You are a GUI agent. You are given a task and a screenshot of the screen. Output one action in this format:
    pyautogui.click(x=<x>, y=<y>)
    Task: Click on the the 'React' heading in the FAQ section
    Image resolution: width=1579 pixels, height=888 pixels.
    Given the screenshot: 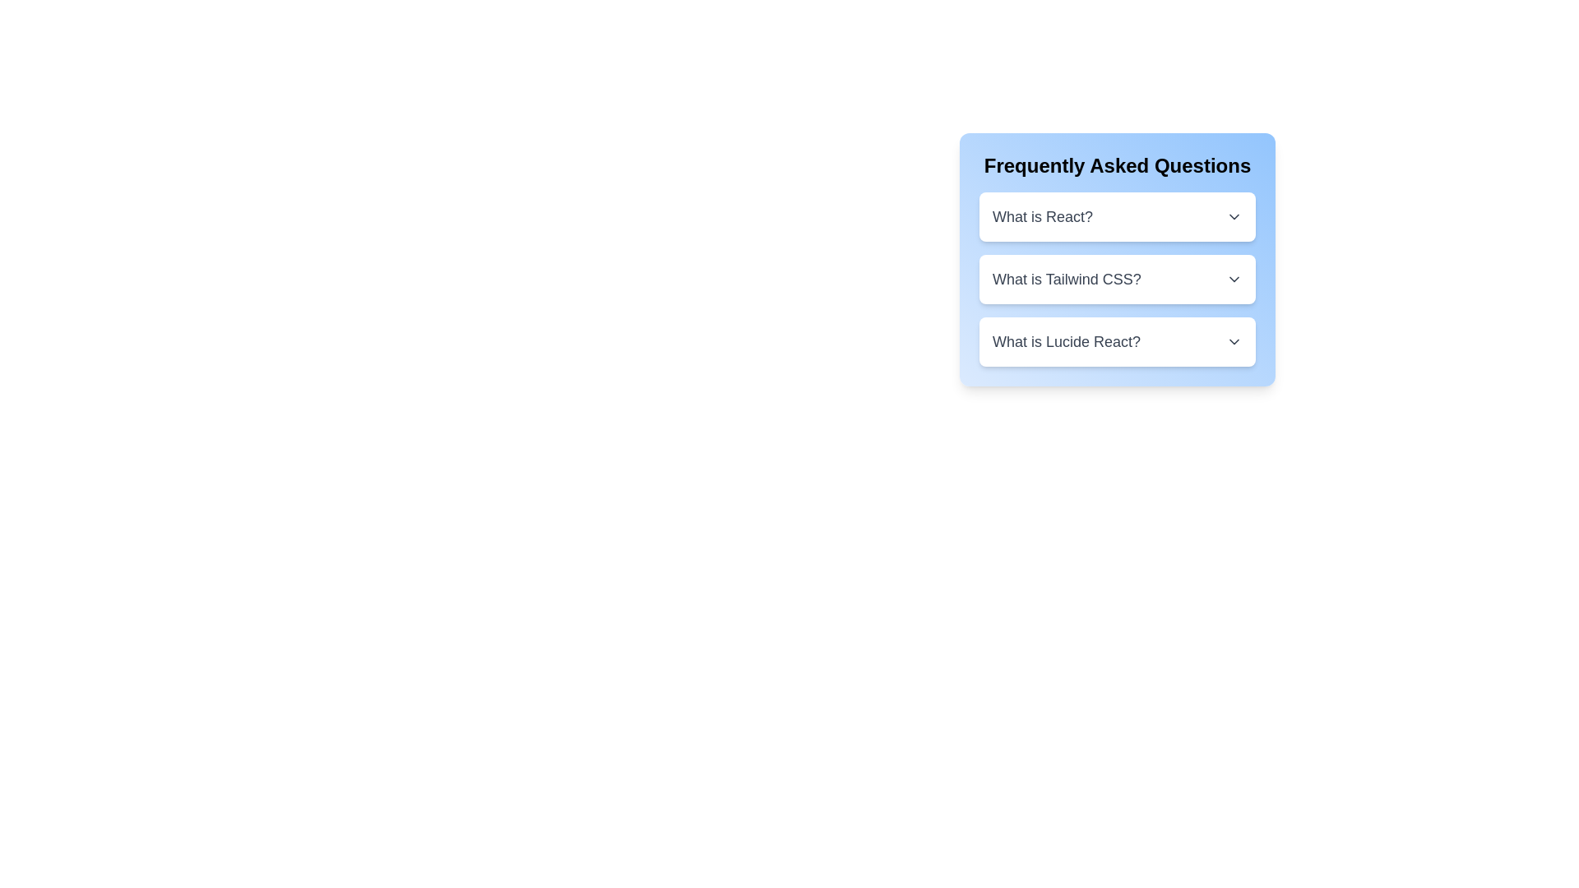 What is the action you would take?
    pyautogui.click(x=1041, y=215)
    